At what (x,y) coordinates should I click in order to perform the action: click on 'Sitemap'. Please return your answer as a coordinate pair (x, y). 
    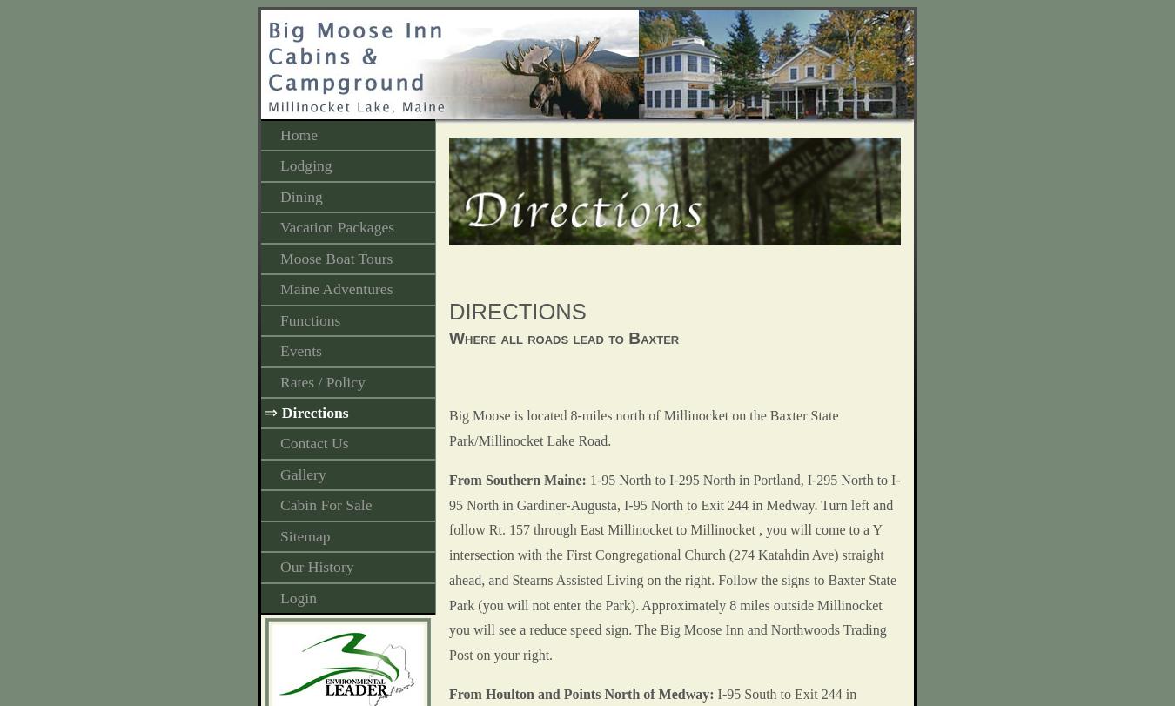
    Looking at the image, I should click on (305, 534).